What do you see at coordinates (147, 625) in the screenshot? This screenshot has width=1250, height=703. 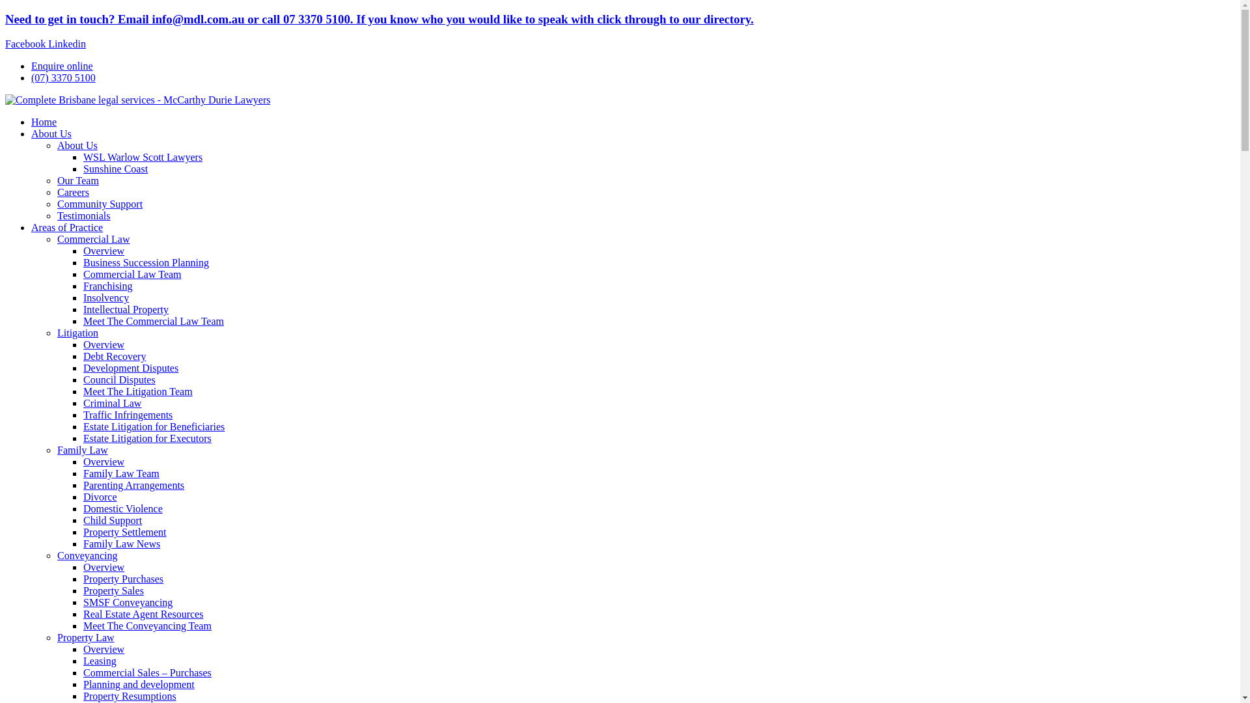 I see `'Meet The Conveyancing Team'` at bounding box center [147, 625].